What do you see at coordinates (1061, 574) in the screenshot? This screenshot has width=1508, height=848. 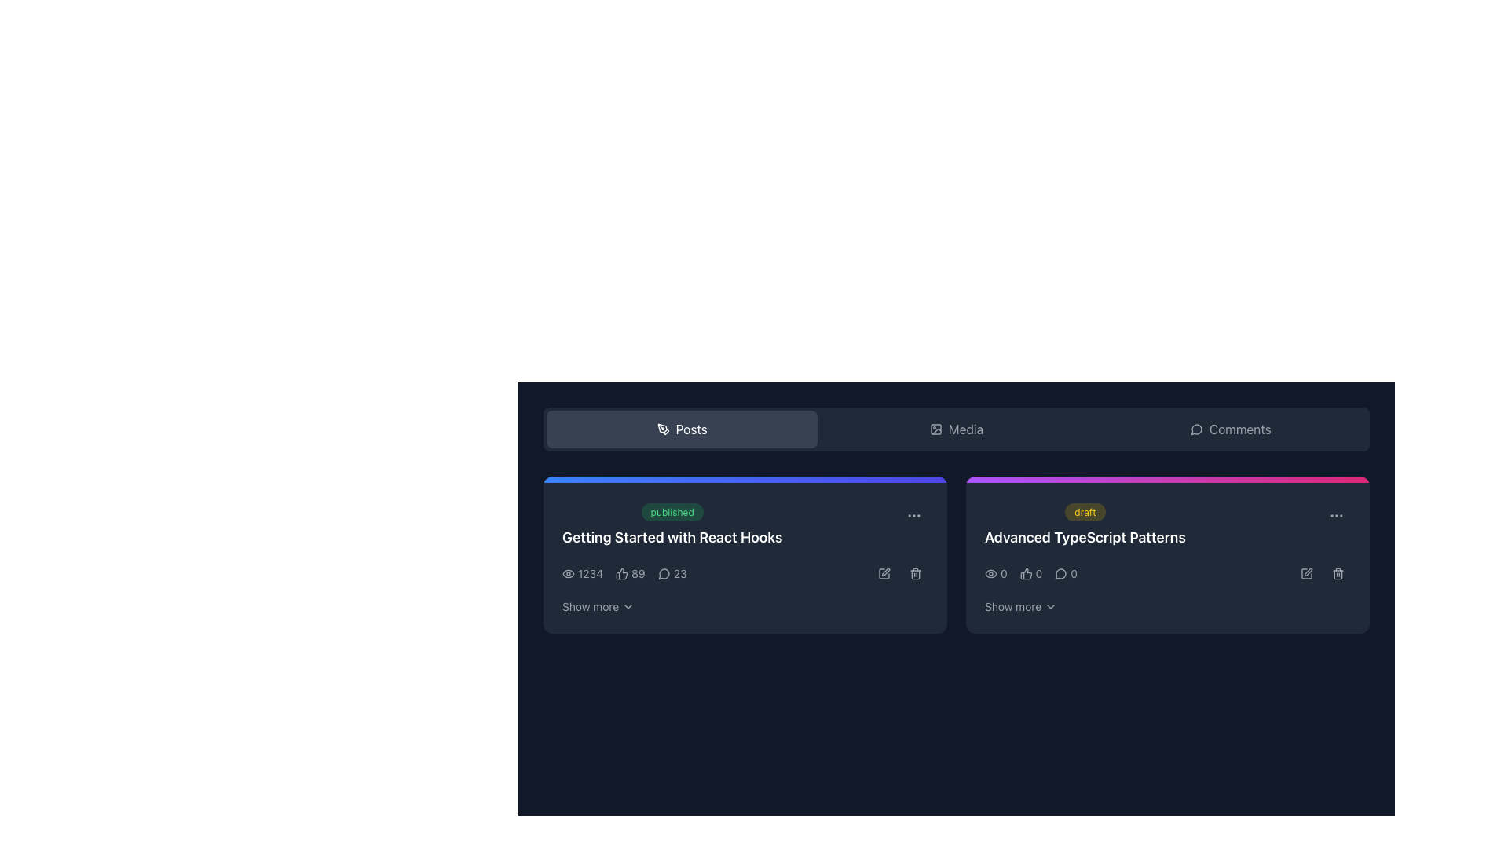 I see `the message or comment bubble icon located in the bottom-right card of the 'Advanced TypeScript Patterns' section, positioned to the left of the numeric indicator showing '0'` at bounding box center [1061, 574].